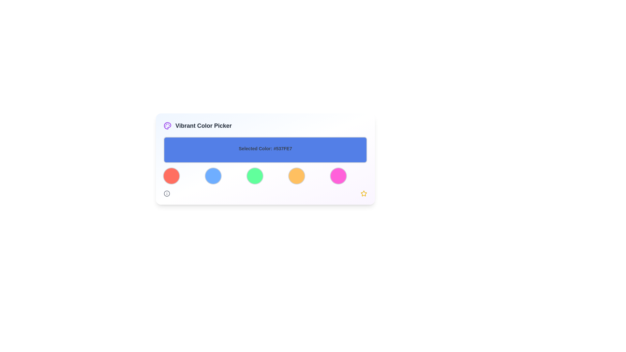 The width and height of the screenshot is (626, 352). I want to click on the blue circular button with a ring-outline located in the second position from the left in a horizontal layout of five buttons, so click(213, 176).